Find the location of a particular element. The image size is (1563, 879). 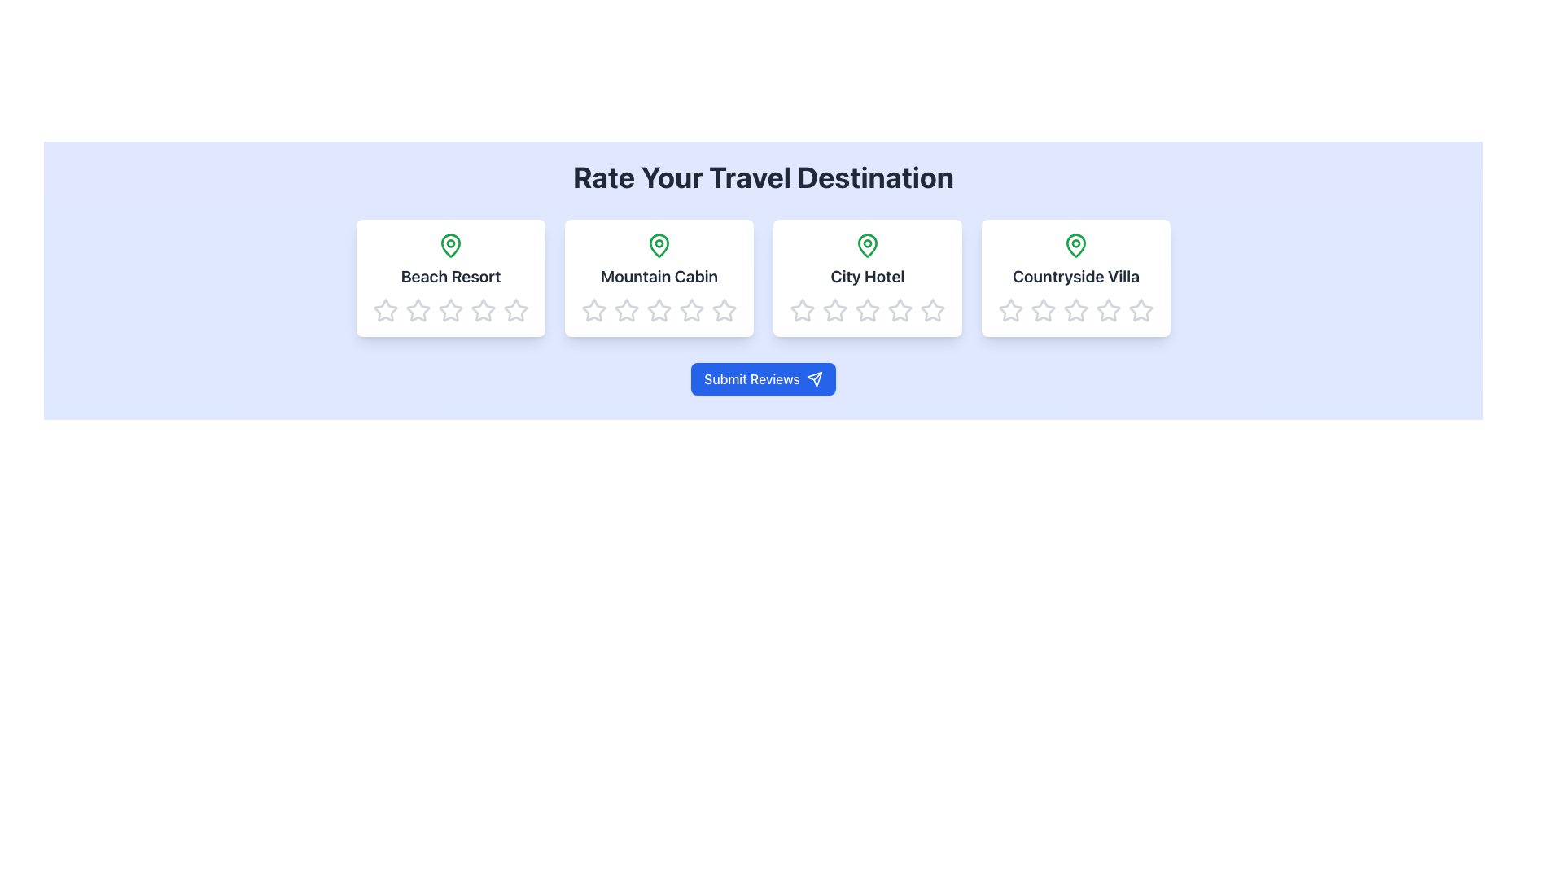

the first star icon in the row of five stars beneath the 'Beach Resort' label is located at coordinates (450, 310).